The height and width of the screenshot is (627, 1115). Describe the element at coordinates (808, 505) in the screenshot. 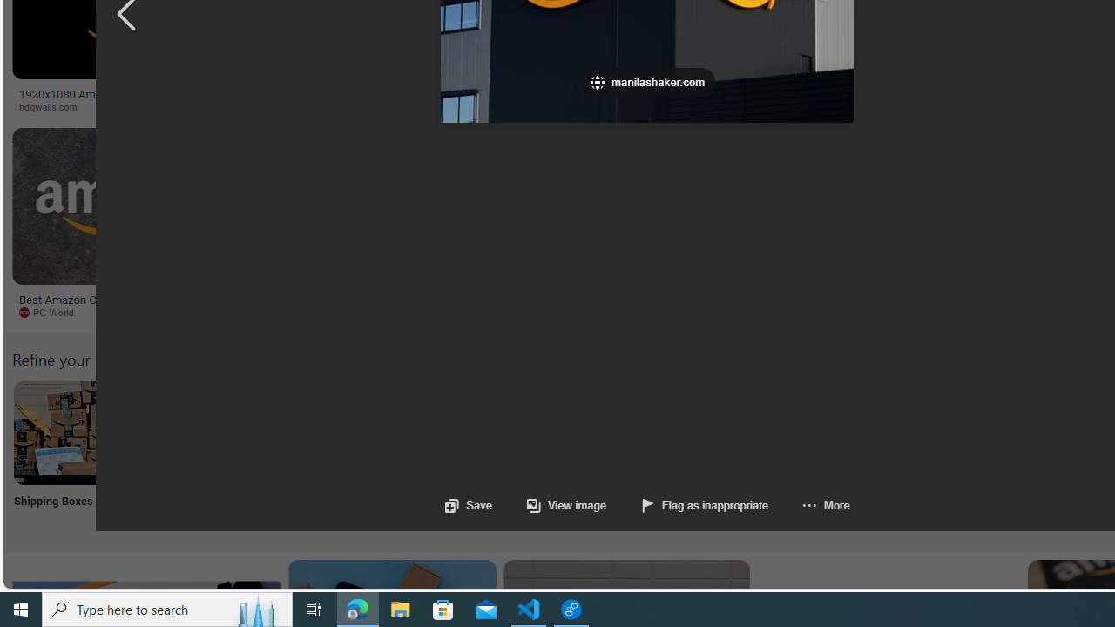

I see `'More'` at that location.